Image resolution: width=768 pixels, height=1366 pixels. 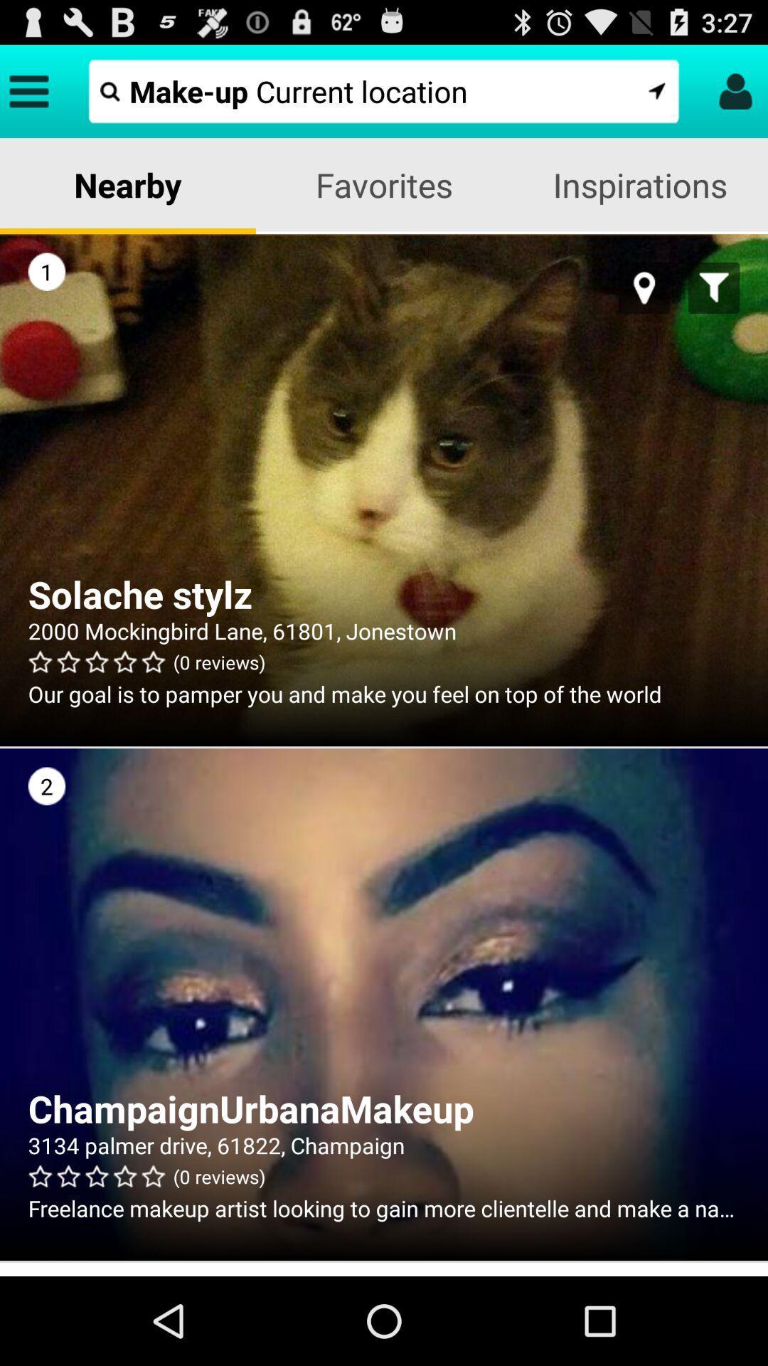 What do you see at coordinates (384, 1108) in the screenshot?
I see `the champaignurbanamakeup item` at bounding box center [384, 1108].